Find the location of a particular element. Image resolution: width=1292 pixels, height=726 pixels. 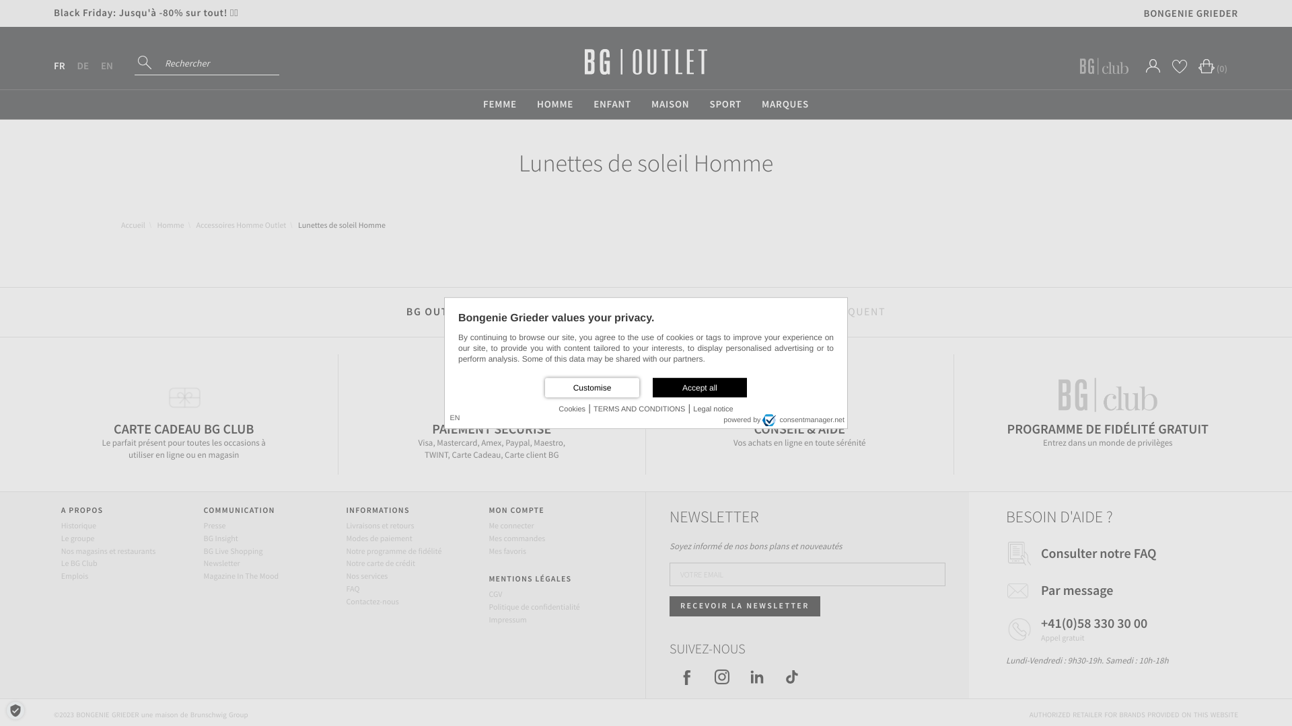

'Accessoires Homme Outlet' is located at coordinates (241, 225).